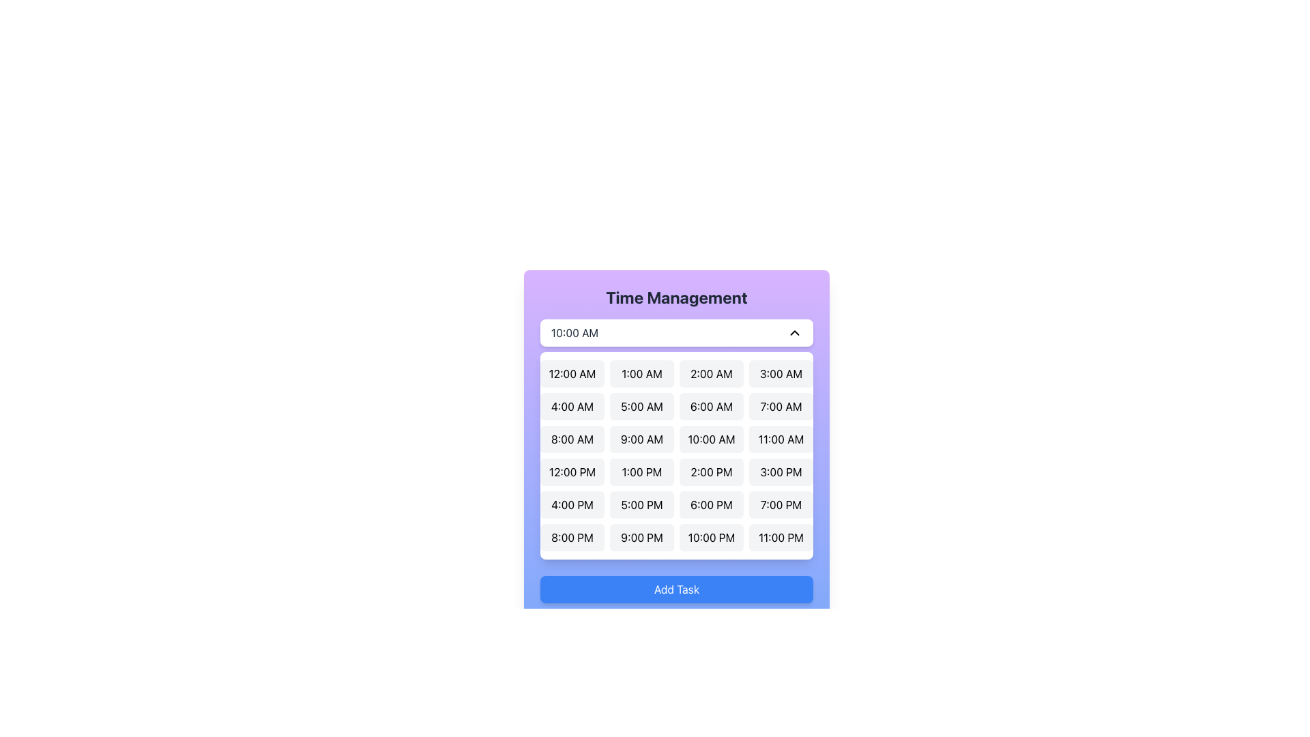 The image size is (1310, 737). What do you see at coordinates (781, 439) in the screenshot?
I see `the button labeled '11:00 AM' located in the grid of time options below the 'Time Management' dropdown menu, which is the last button in the third row from the top` at bounding box center [781, 439].